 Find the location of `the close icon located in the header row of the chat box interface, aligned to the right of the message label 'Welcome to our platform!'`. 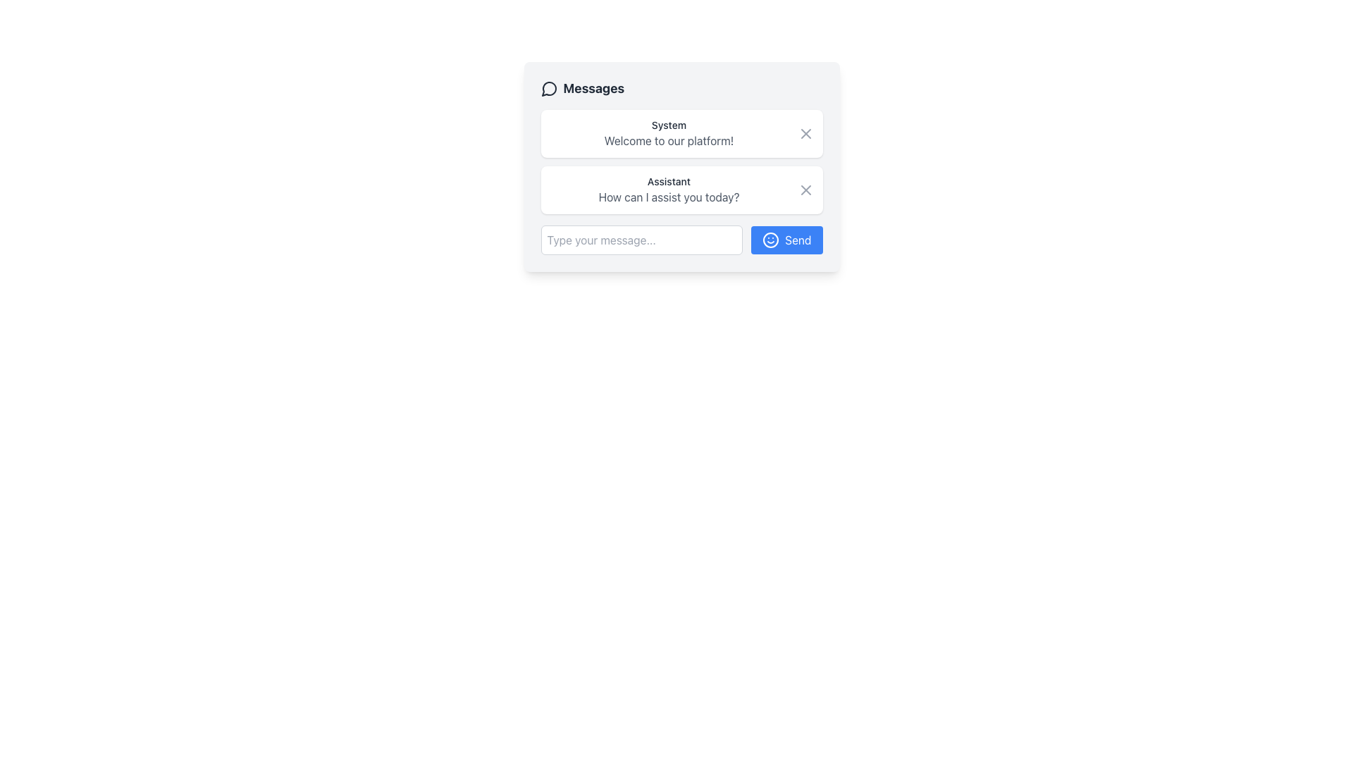

the close icon located in the header row of the chat box interface, aligned to the right of the message label 'Welcome to our platform!' is located at coordinates (805, 133).